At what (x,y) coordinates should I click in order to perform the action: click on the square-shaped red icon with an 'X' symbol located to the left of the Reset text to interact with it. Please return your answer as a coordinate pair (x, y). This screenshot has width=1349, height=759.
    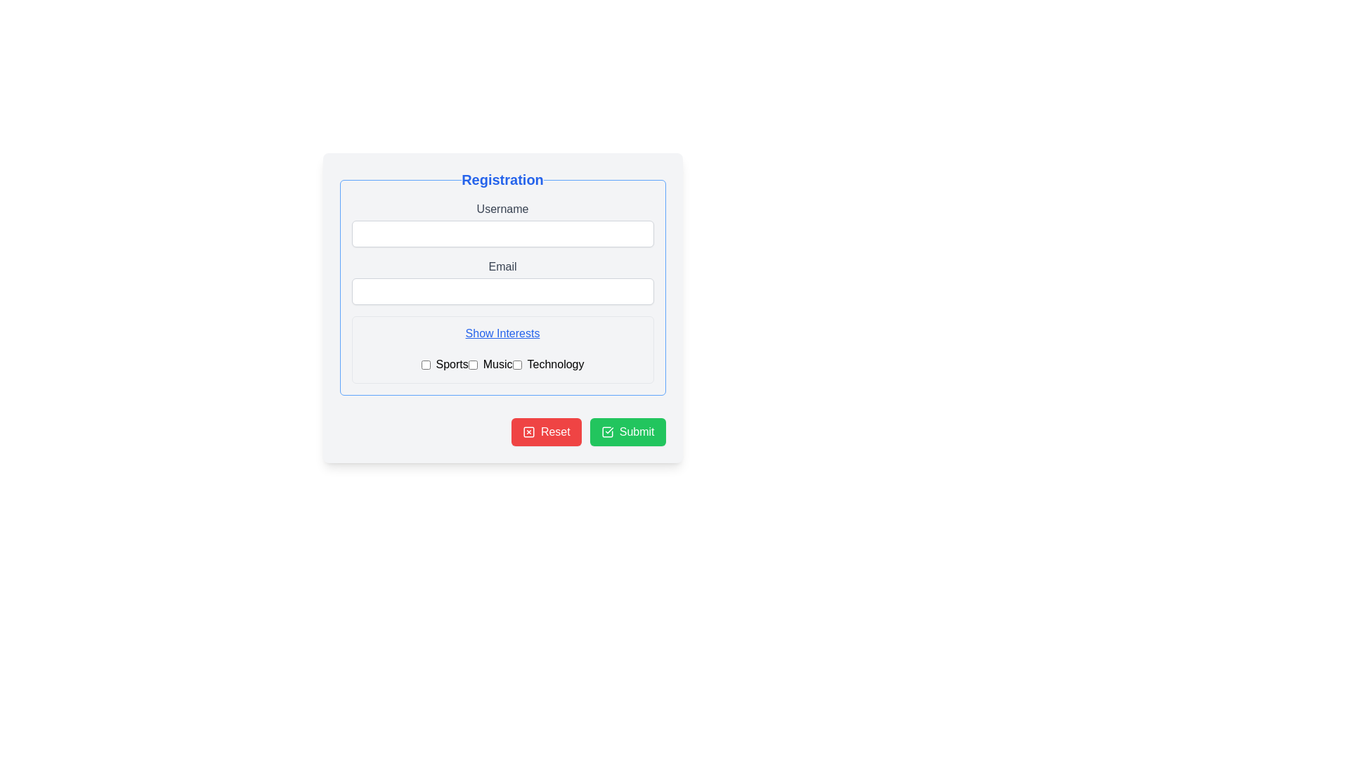
    Looking at the image, I should click on (528, 431).